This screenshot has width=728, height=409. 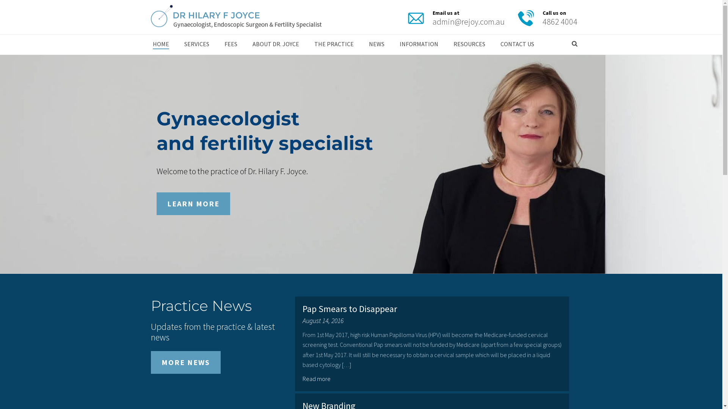 I want to click on 'RESOURCES', so click(x=469, y=44).